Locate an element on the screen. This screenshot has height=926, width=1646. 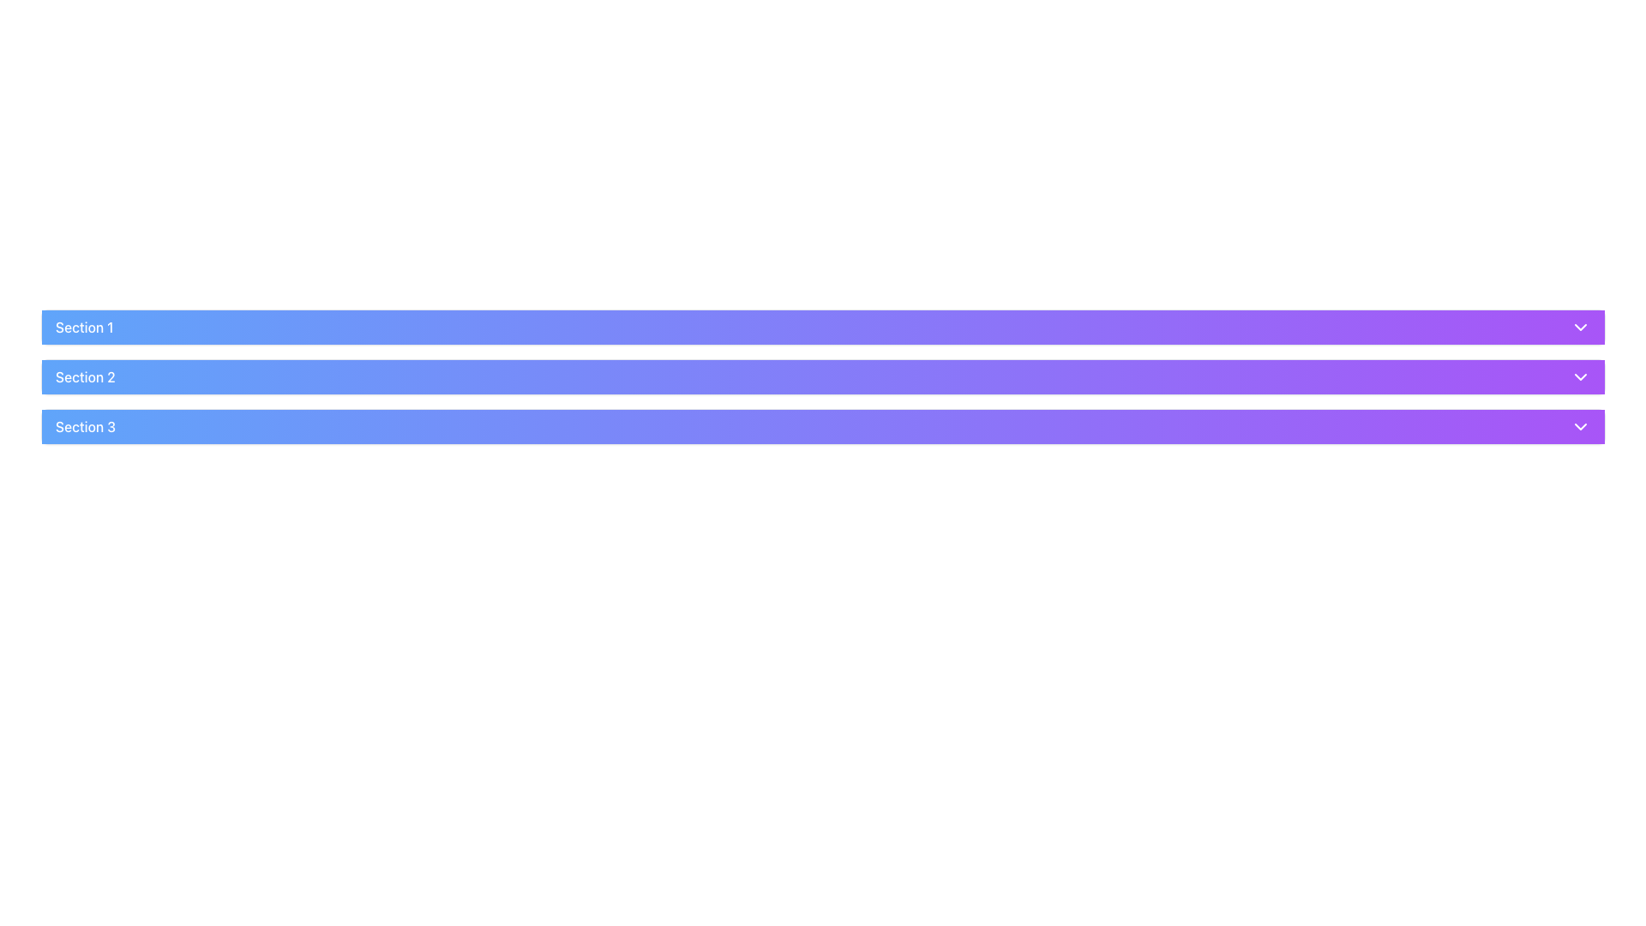
the 'Section 2' text label, which is a medium font weight label with white text on a gradient blue to purple background, located in the second section of a vertically stacked list is located at coordinates (84, 376).